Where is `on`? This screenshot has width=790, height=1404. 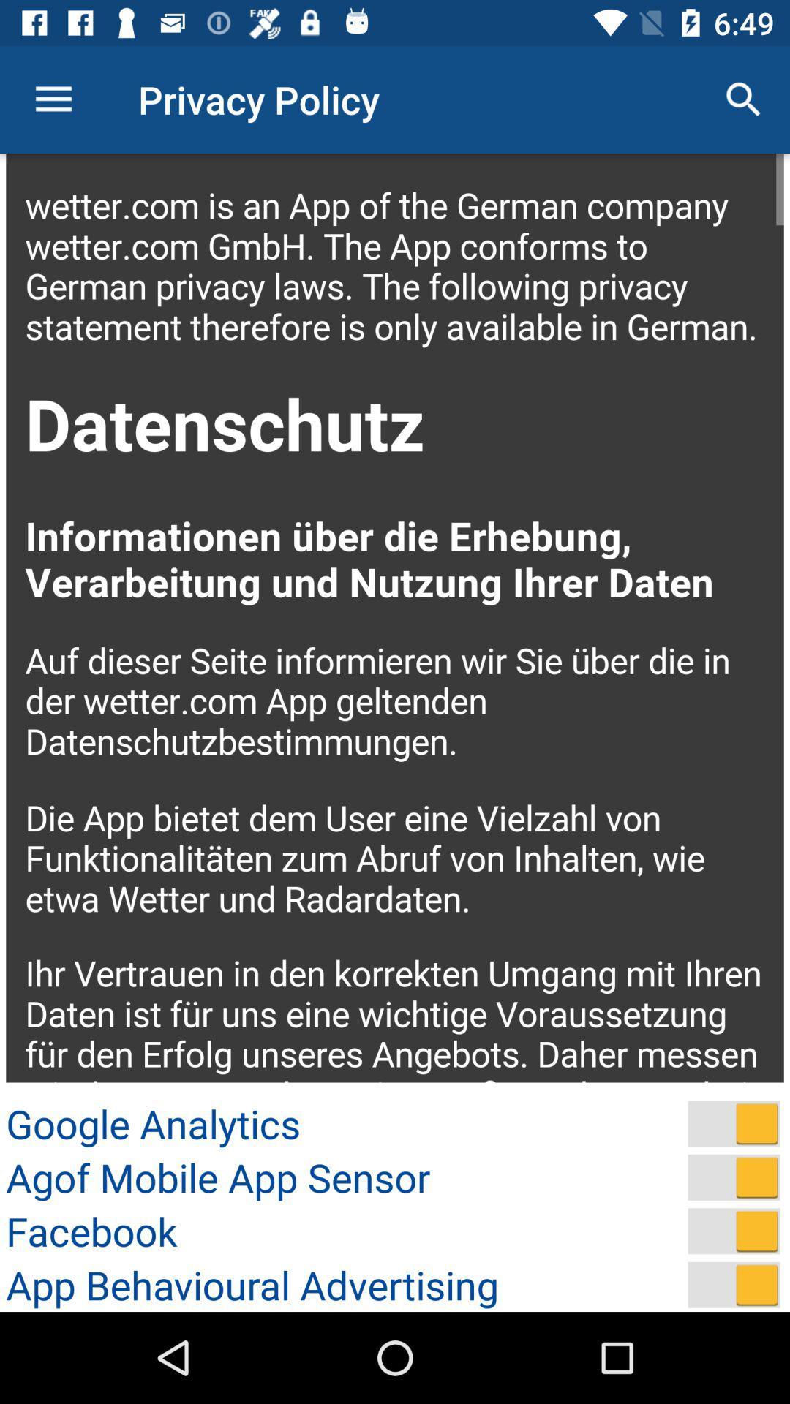 on is located at coordinates (734, 1230).